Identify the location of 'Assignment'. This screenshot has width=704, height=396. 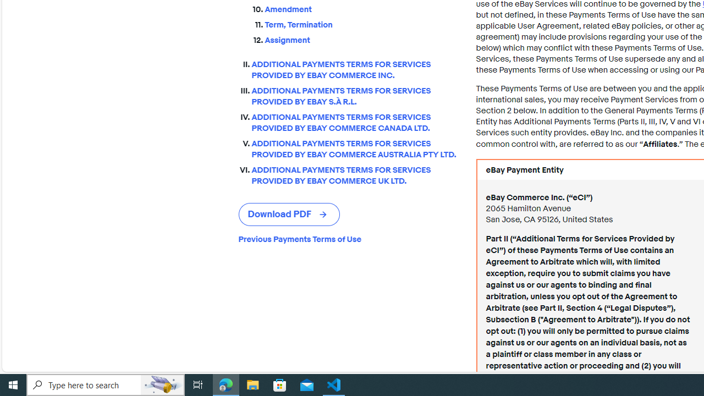
(361, 40).